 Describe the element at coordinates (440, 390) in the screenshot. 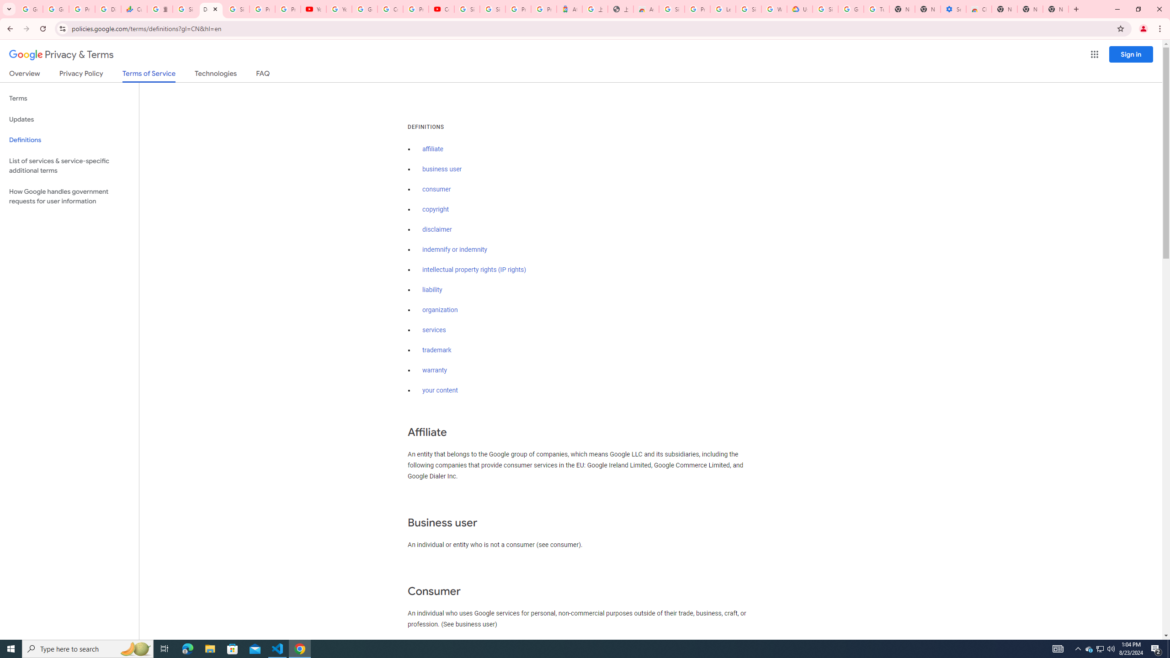

I see `'your content'` at that location.